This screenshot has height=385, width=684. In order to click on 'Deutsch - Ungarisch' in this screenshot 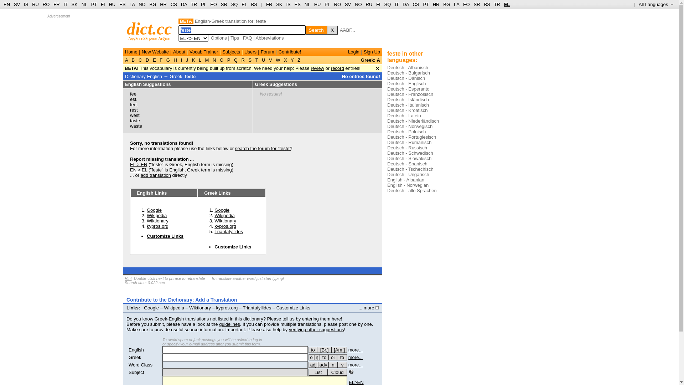, I will do `click(408, 174)`.